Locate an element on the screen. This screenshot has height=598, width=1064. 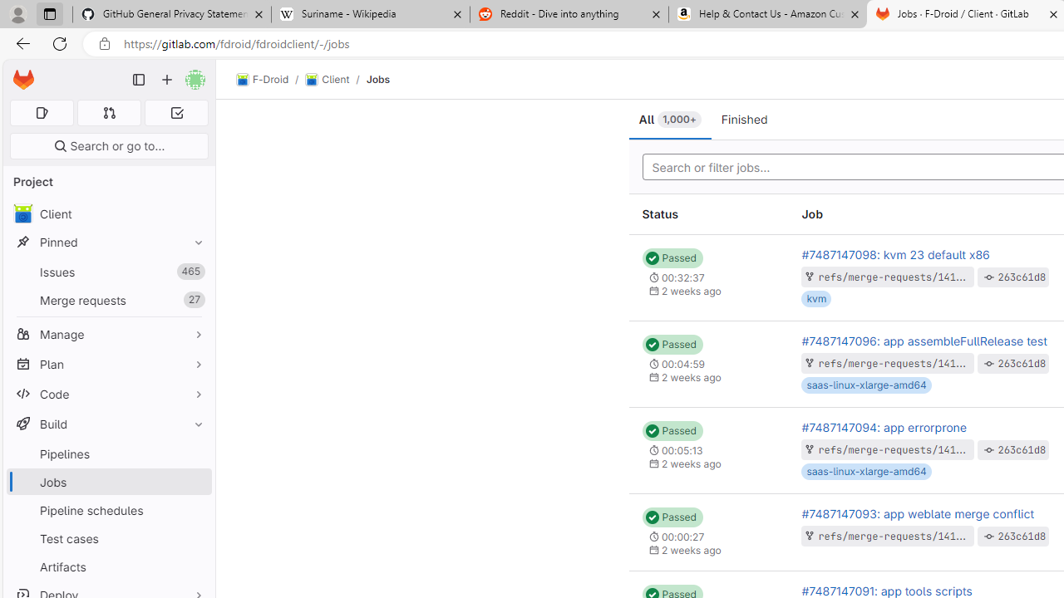
'refs/merge-requests/1411/head' is located at coordinates (904, 535).